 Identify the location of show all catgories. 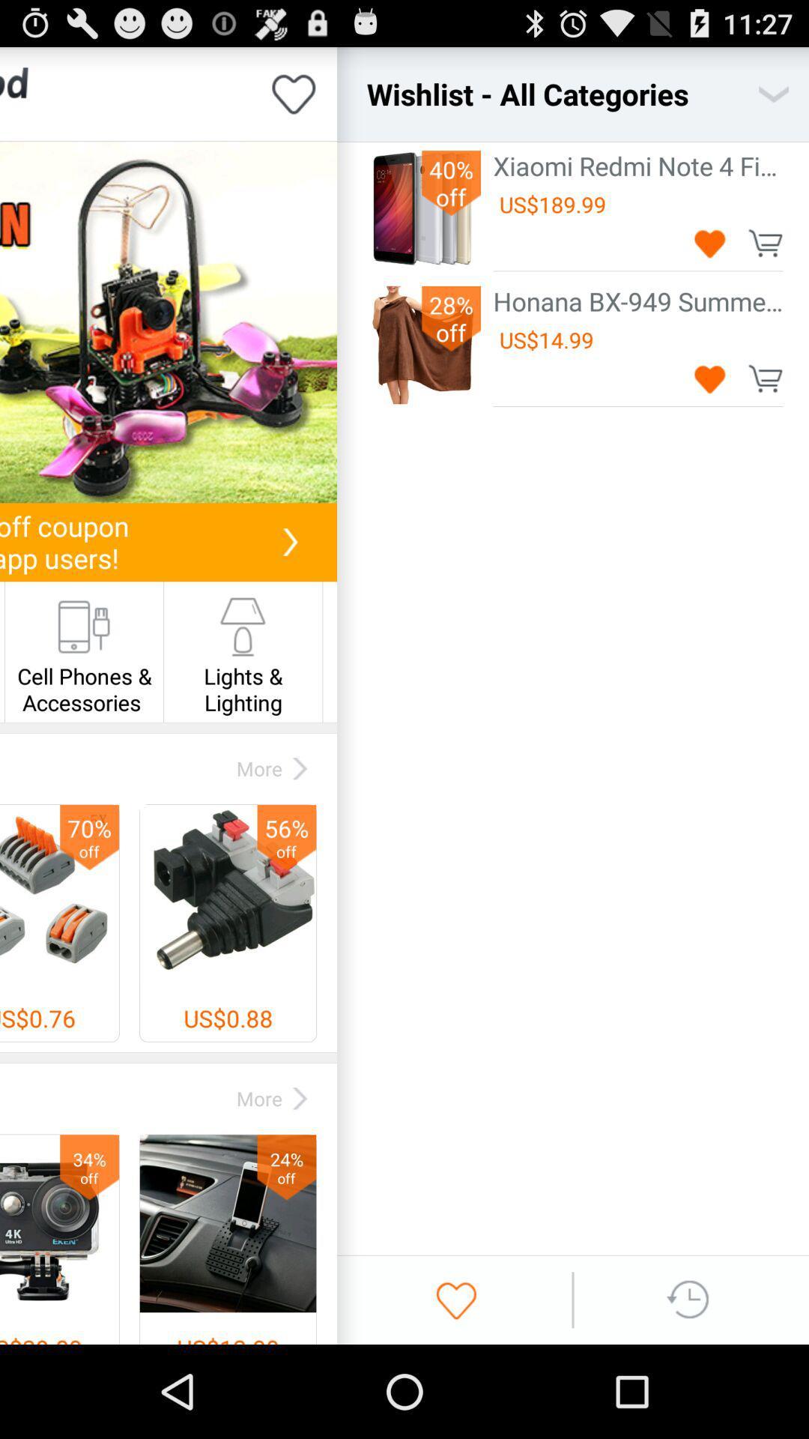
(774, 93).